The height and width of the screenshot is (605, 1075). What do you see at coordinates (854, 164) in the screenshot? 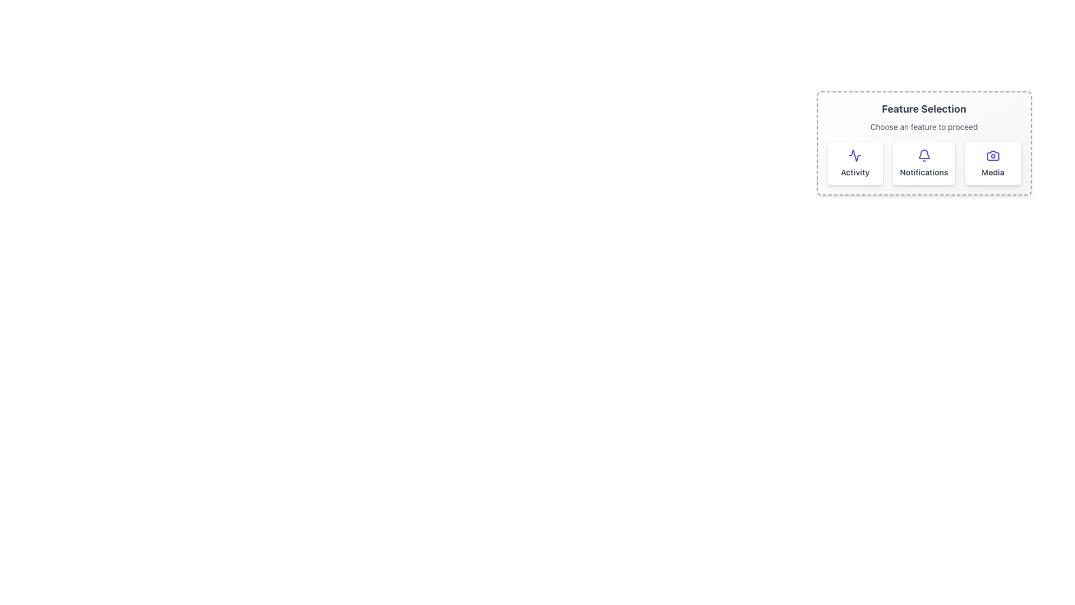
I see `the 'Activity' button, which is a rectangular button with a white background and an indigo line chart icon` at bounding box center [854, 164].